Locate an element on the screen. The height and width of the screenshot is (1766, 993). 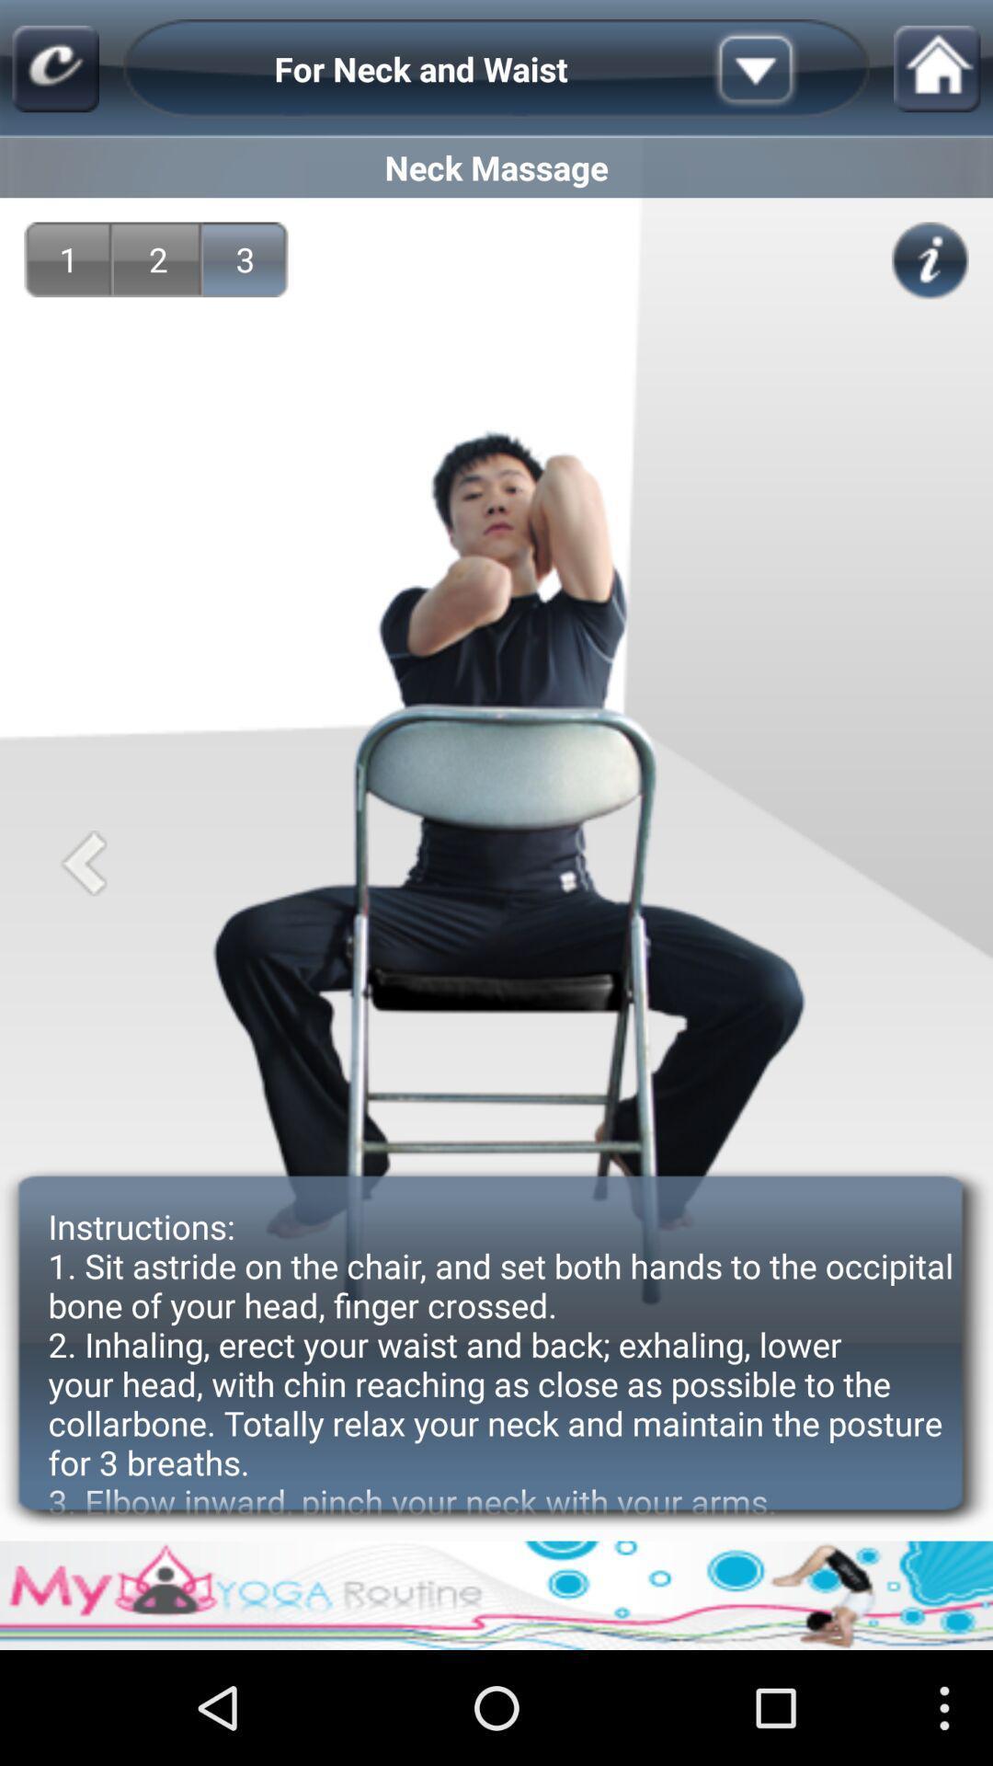
item above the instructions 1 sit is located at coordinates (930, 259).